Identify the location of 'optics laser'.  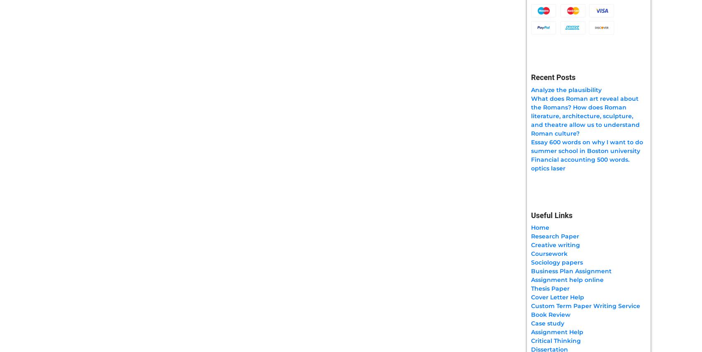
(548, 167).